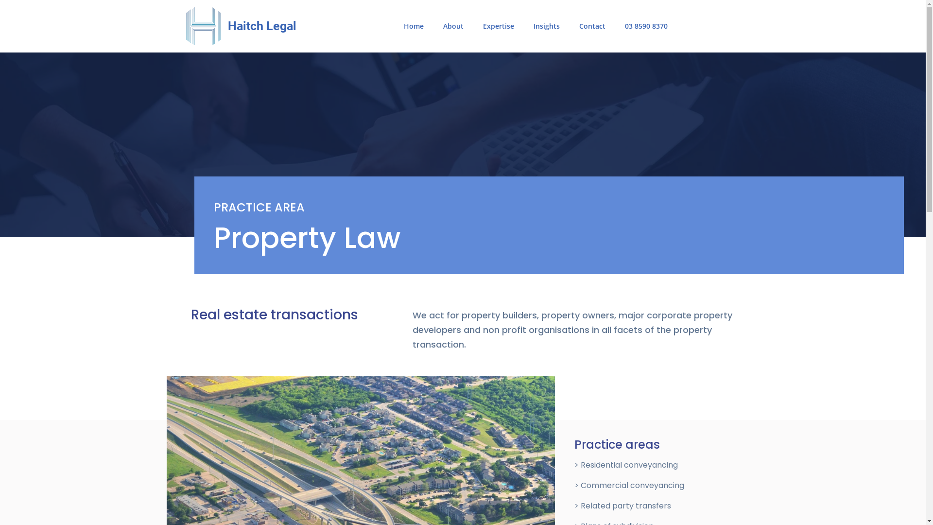  What do you see at coordinates (569, 26) in the screenshot?
I see `'Contact'` at bounding box center [569, 26].